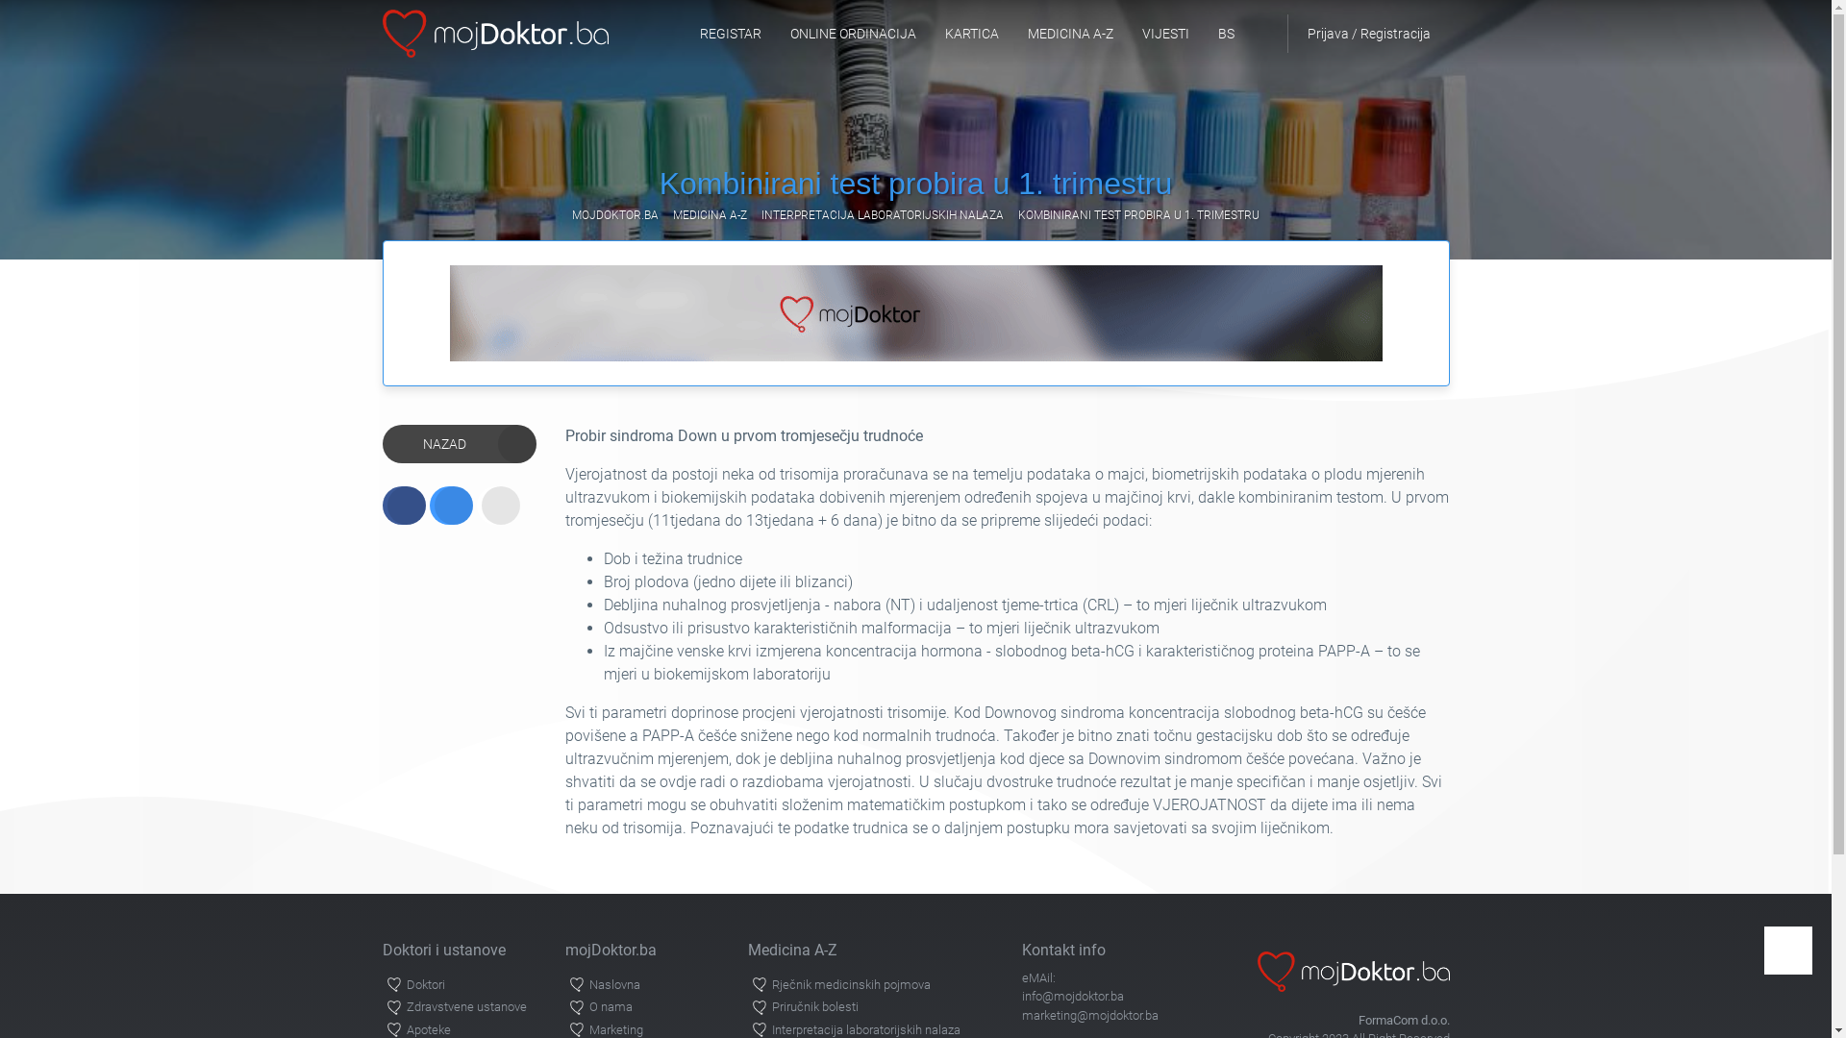 The width and height of the screenshot is (1846, 1038). What do you see at coordinates (1138, 214) in the screenshot?
I see `'KOMBINIRANI TEST PROBIRA U 1. TRIMESTRU'` at bounding box center [1138, 214].